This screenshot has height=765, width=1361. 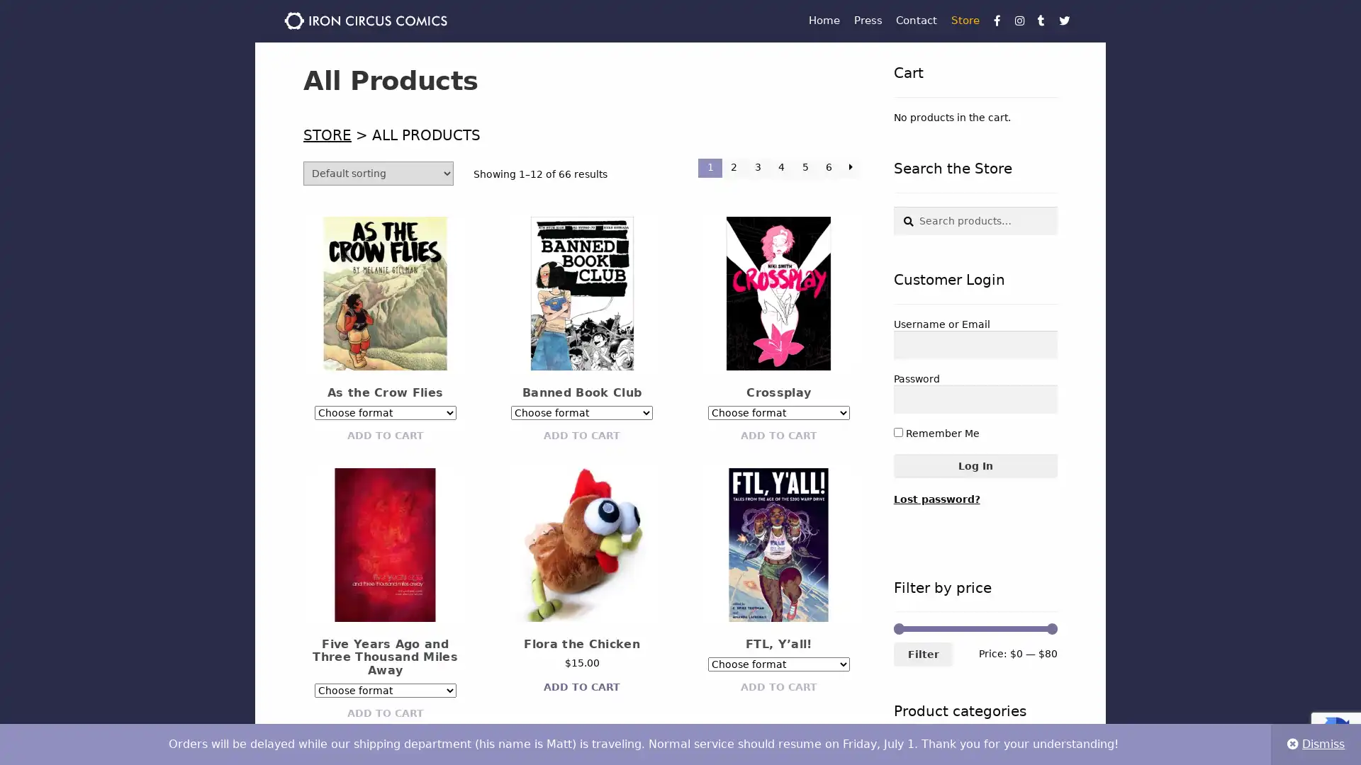 What do you see at coordinates (581, 434) in the screenshot?
I see `ADD TO CART` at bounding box center [581, 434].